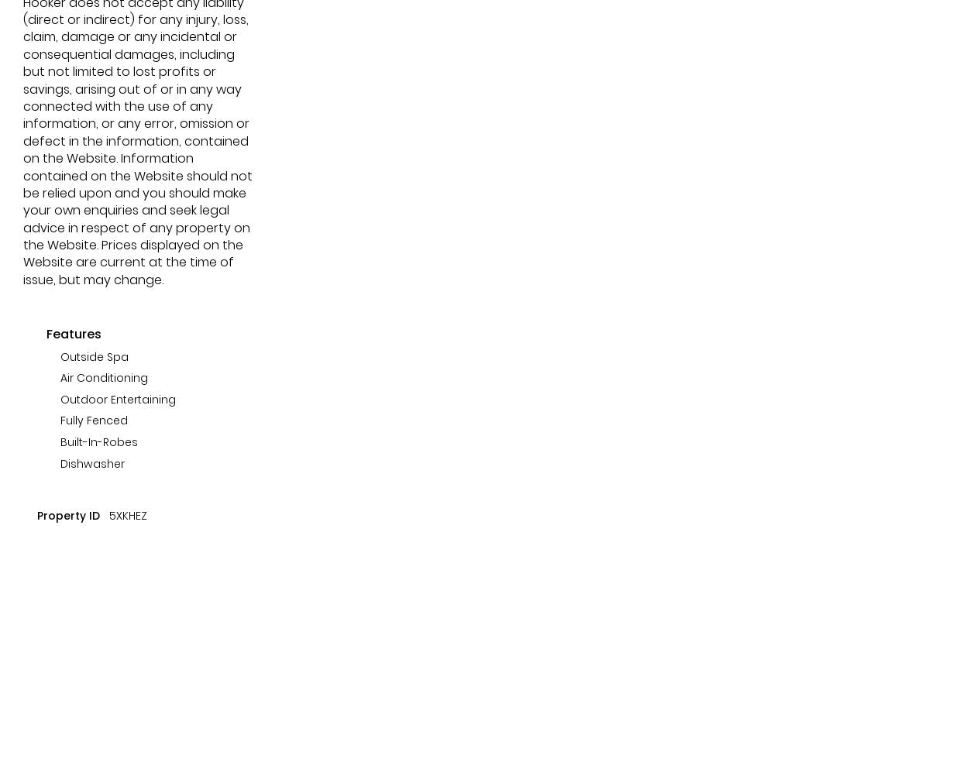 The height and width of the screenshot is (769, 953). I want to click on 'Invest', so click(139, 132).